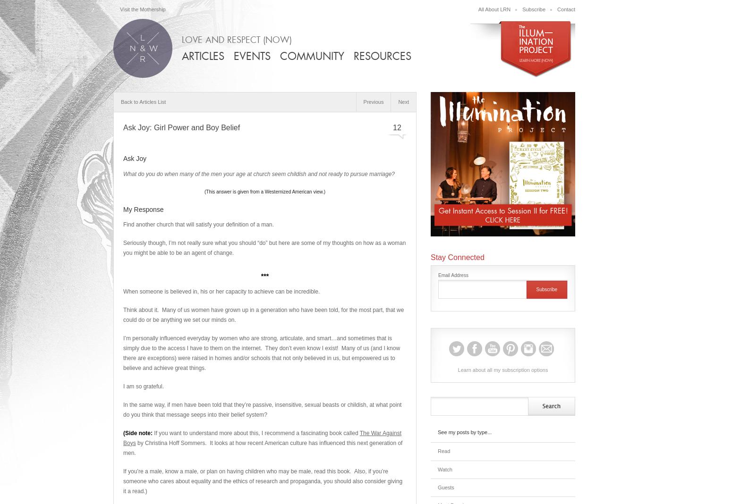  What do you see at coordinates (263, 447) in the screenshot?
I see `'by Christina Hoff Sommers.  It looks at how recent American culture has inﬂuenced this next generation of men.'` at bounding box center [263, 447].